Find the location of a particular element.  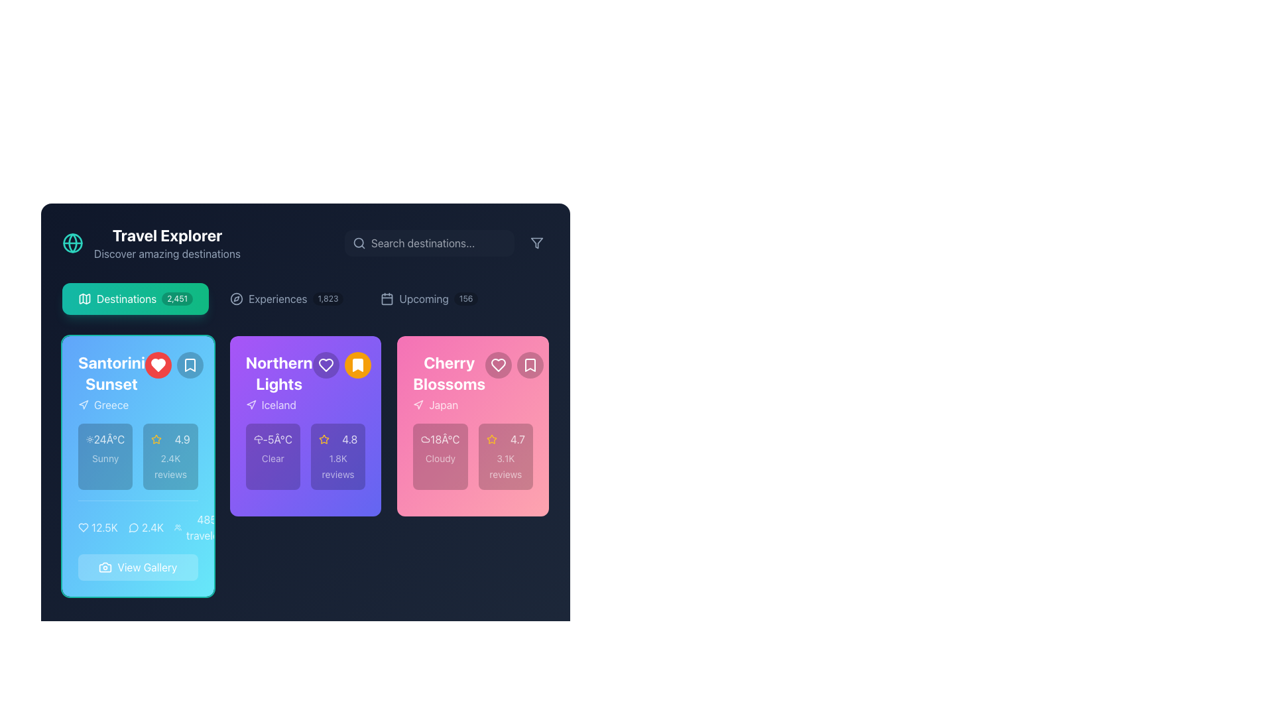

the Badge indicating the count of items in the 'Upcoming' section located to the right of the 'Upcoming' text in the navigation bar is located at coordinates (466, 299).